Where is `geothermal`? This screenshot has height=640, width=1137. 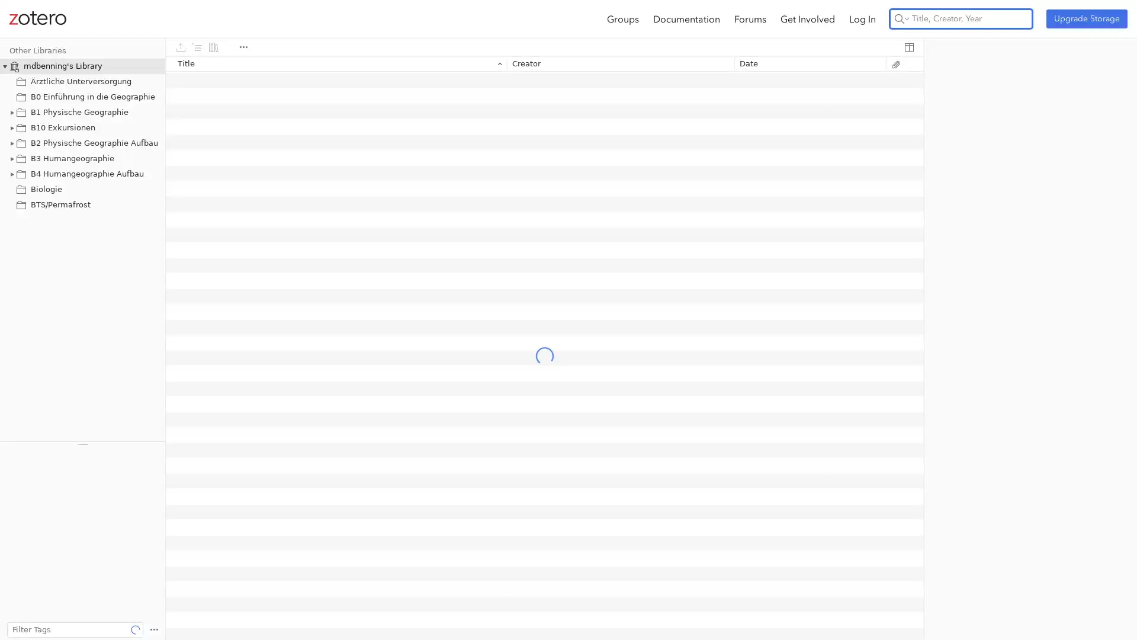 geothermal is located at coordinates (104, 580).